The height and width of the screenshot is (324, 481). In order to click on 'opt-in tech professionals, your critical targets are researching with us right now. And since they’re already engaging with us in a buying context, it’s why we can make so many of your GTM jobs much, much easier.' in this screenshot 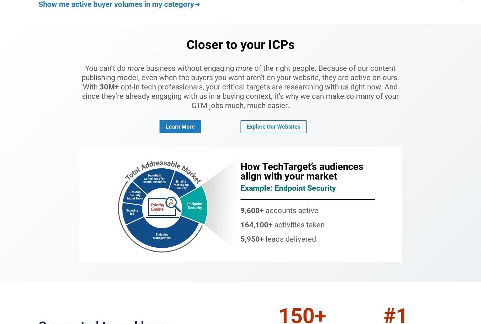, I will do `click(240, 96)`.